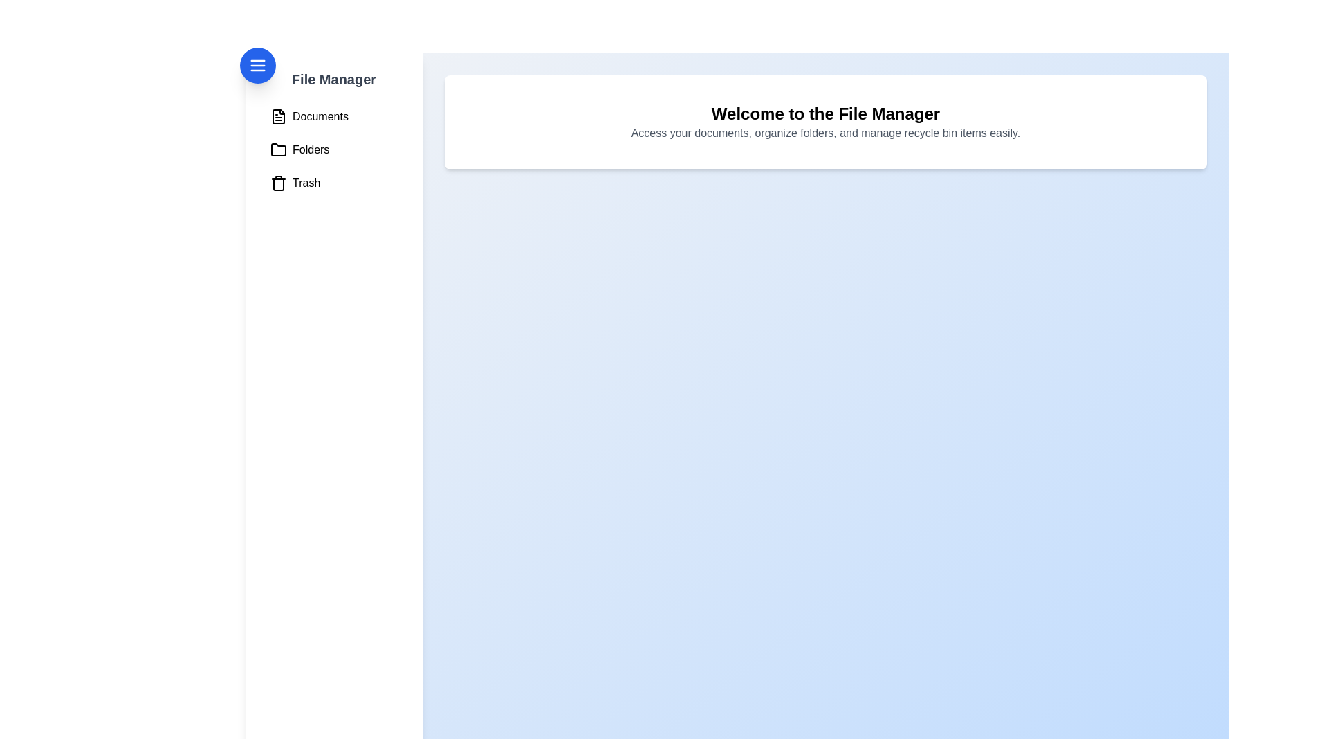 This screenshot has width=1328, height=747. What do you see at coordinates (258, 66) in the screenshot?
I see `menu button to toggle the visibility of the drawer` at bounding box center [258, 66].